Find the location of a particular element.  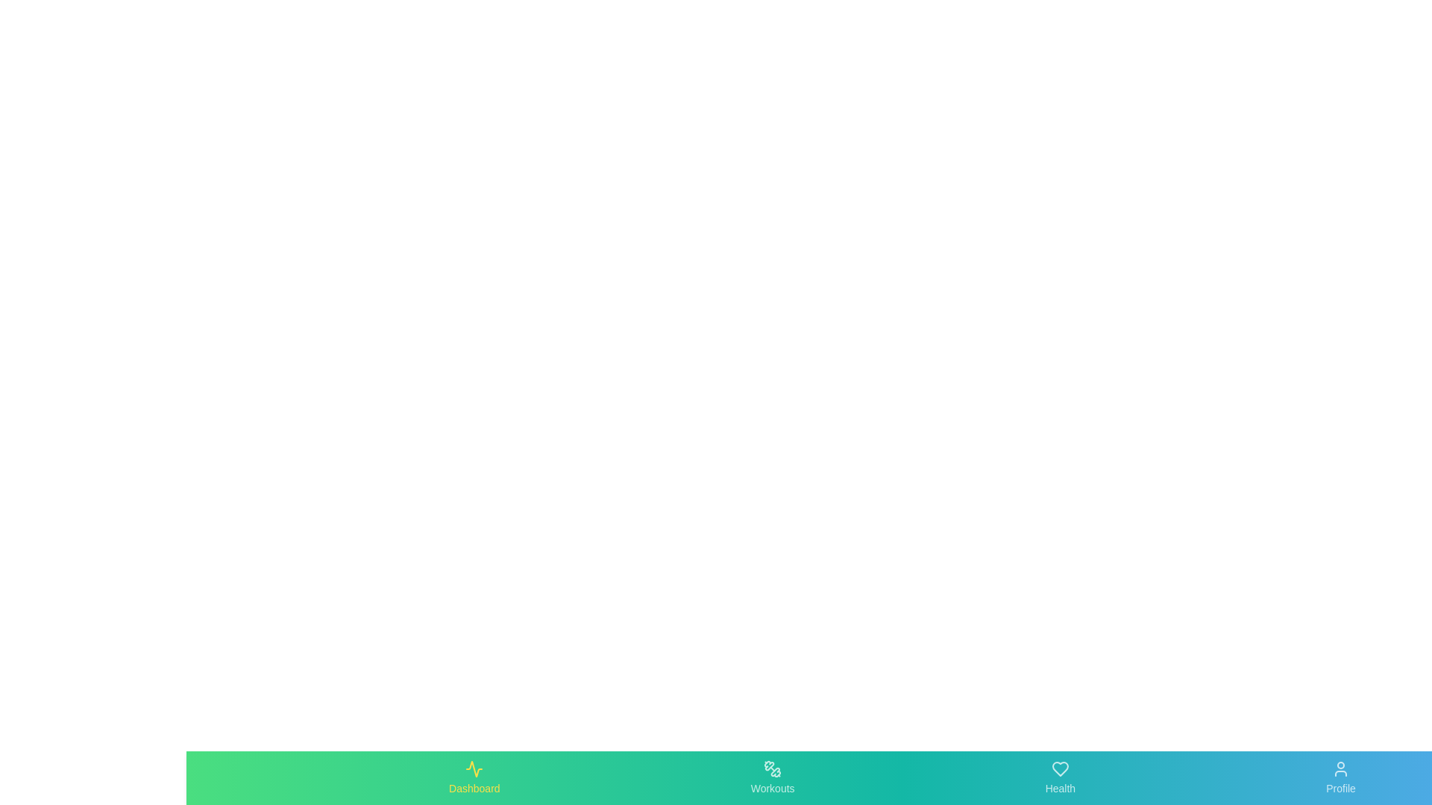

the Profile tab by clicking on its button is located at coordinates (1341, 777).